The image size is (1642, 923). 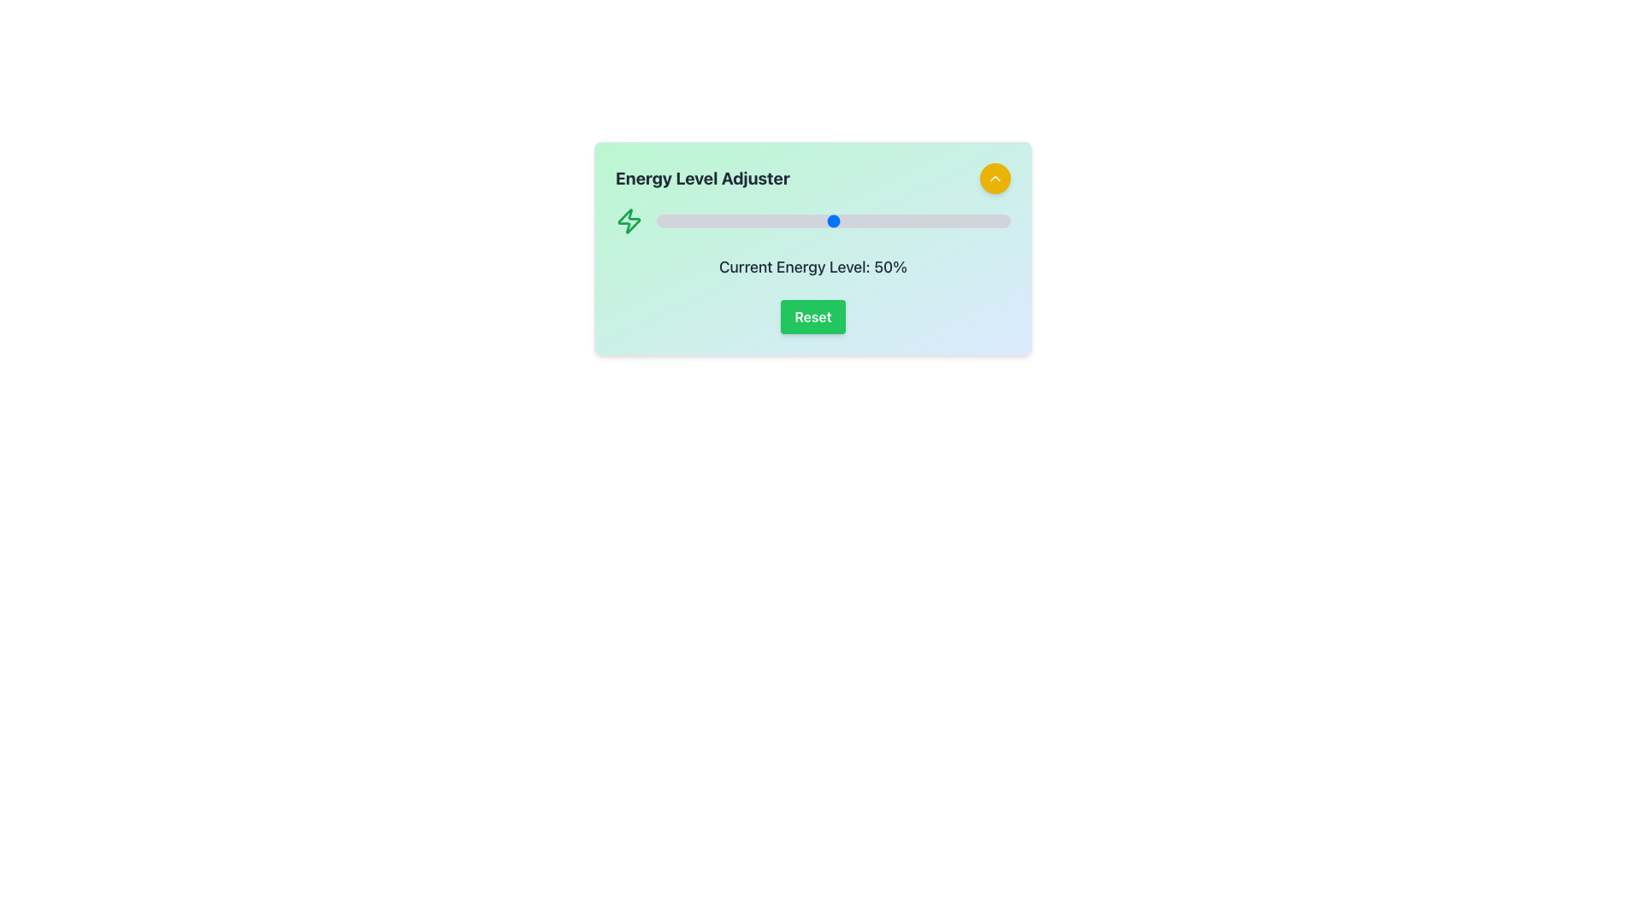 I want to click on the energy level, so click(x=702, y=220).